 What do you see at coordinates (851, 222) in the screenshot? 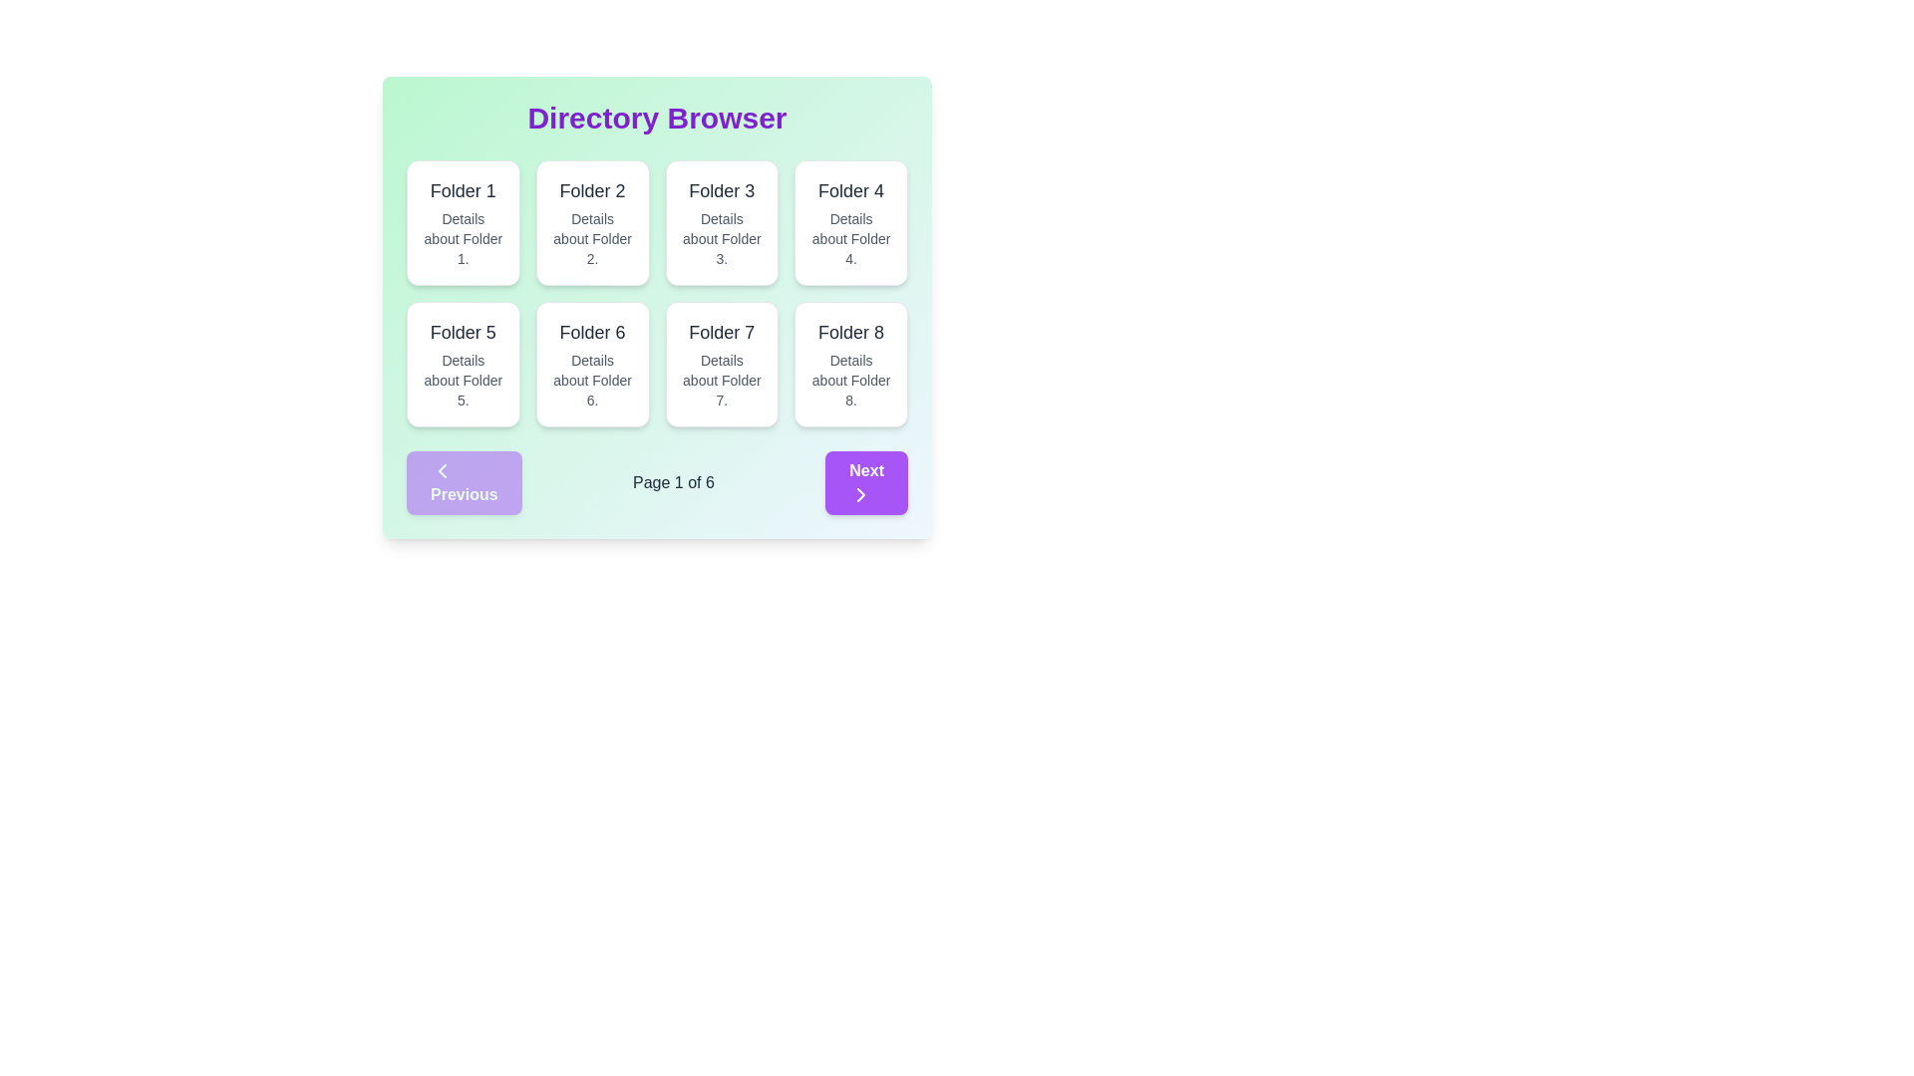
I see `the Informational Card that displays information related to 'Folder 4', located in the top-right corner of the grid` at bounding box center [851, 222].